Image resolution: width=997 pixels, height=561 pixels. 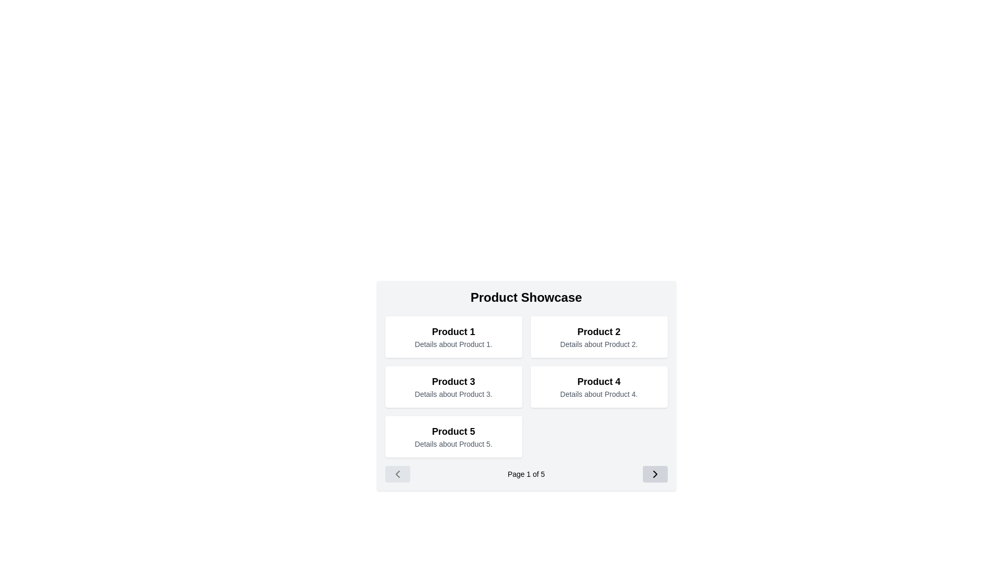 I want to click on text from the Text Label providing supplemental descriptive information about Product 2, located directly beneath the title 'Product 2' in the top-right section of the layout grid, so click(x=599, y=344).